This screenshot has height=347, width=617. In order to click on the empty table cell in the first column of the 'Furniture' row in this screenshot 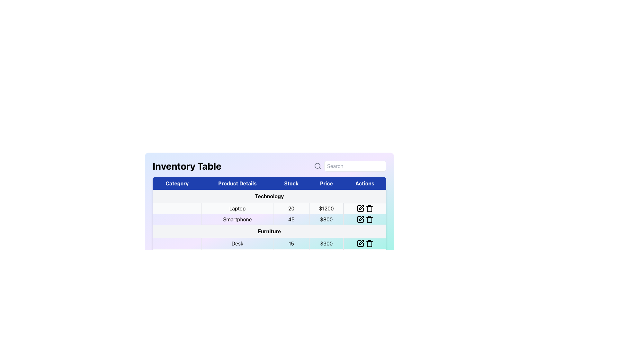, I will do `click(177, 243)`.